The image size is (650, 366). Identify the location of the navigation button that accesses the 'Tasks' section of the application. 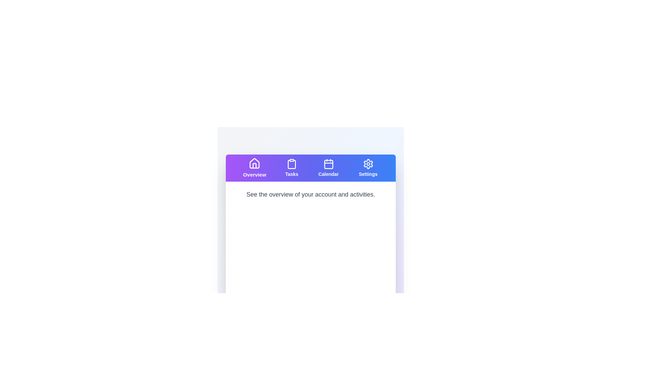
(291, 168).